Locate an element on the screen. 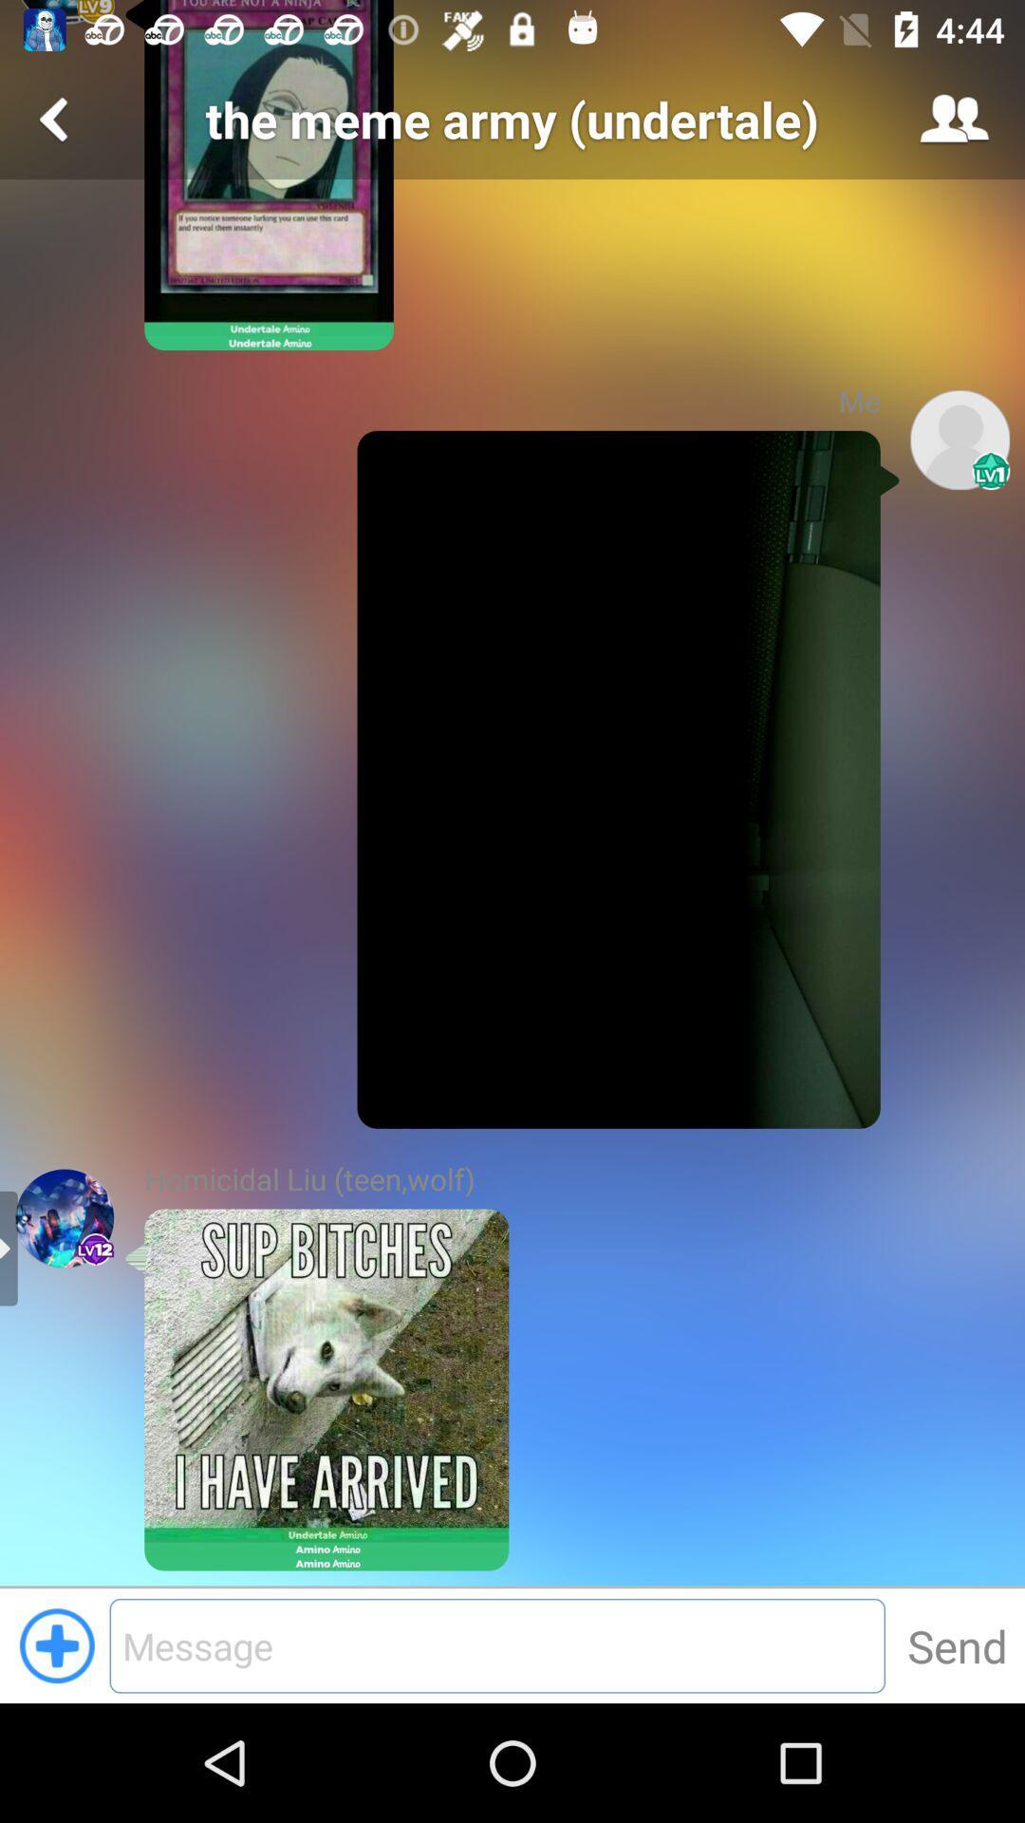 The height and width of the screenshot is (1823, 1025). the button beside text field is located at coordinates (958, 1644).